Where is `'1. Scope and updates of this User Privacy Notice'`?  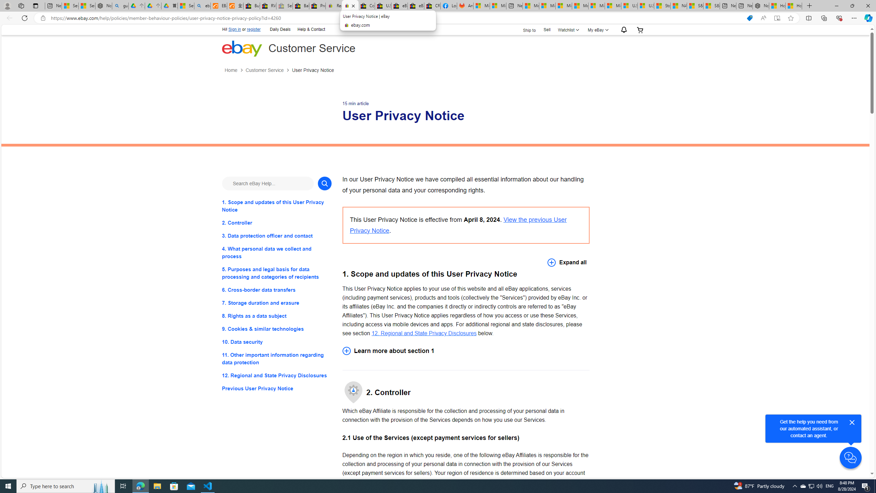
'1. Scope and updates of this User Privacy Notice' is located at coordinates (276, 206).